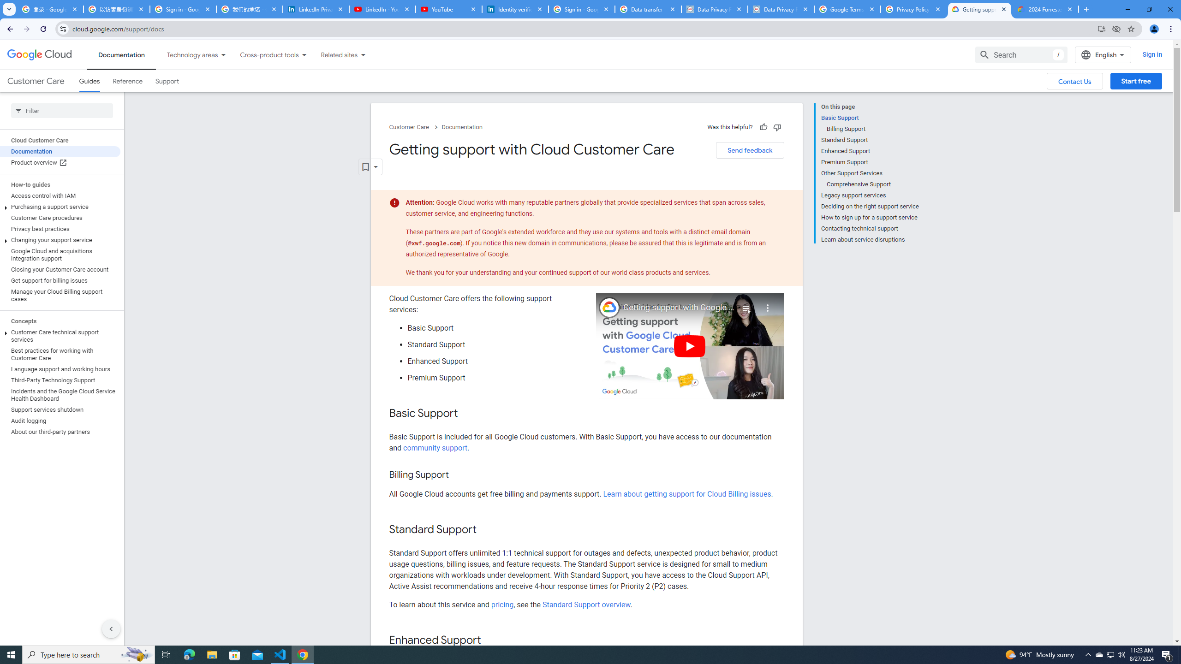  Describe the element at coordinates (363, 54) in the screenshot. I see `'Dropdown menu for Related sites'` at that location.